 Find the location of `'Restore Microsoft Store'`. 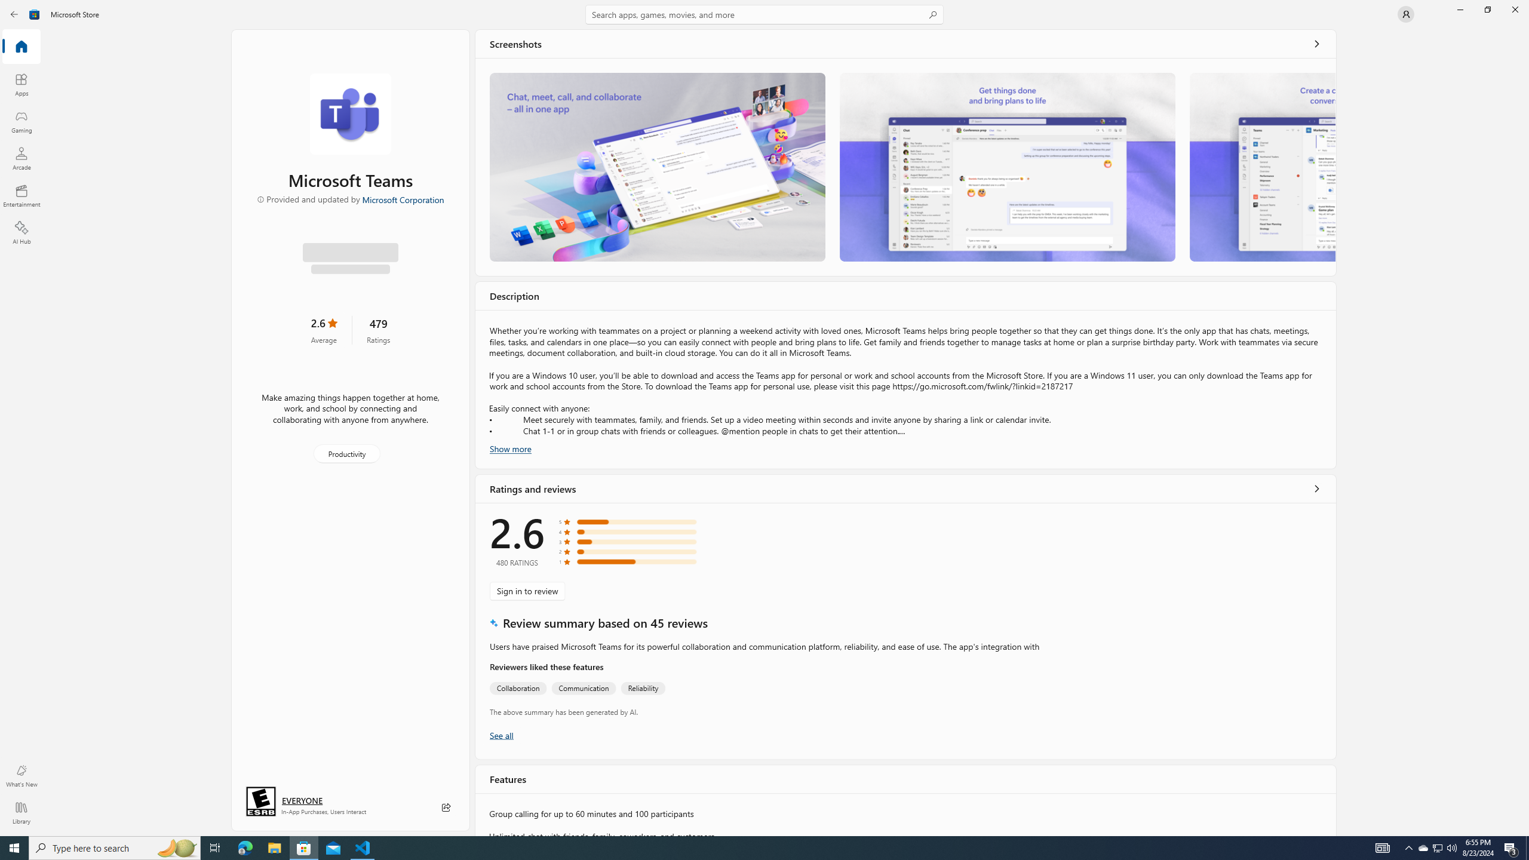

'Restore Microsoft Store' is located at coordinates (1487, 9).